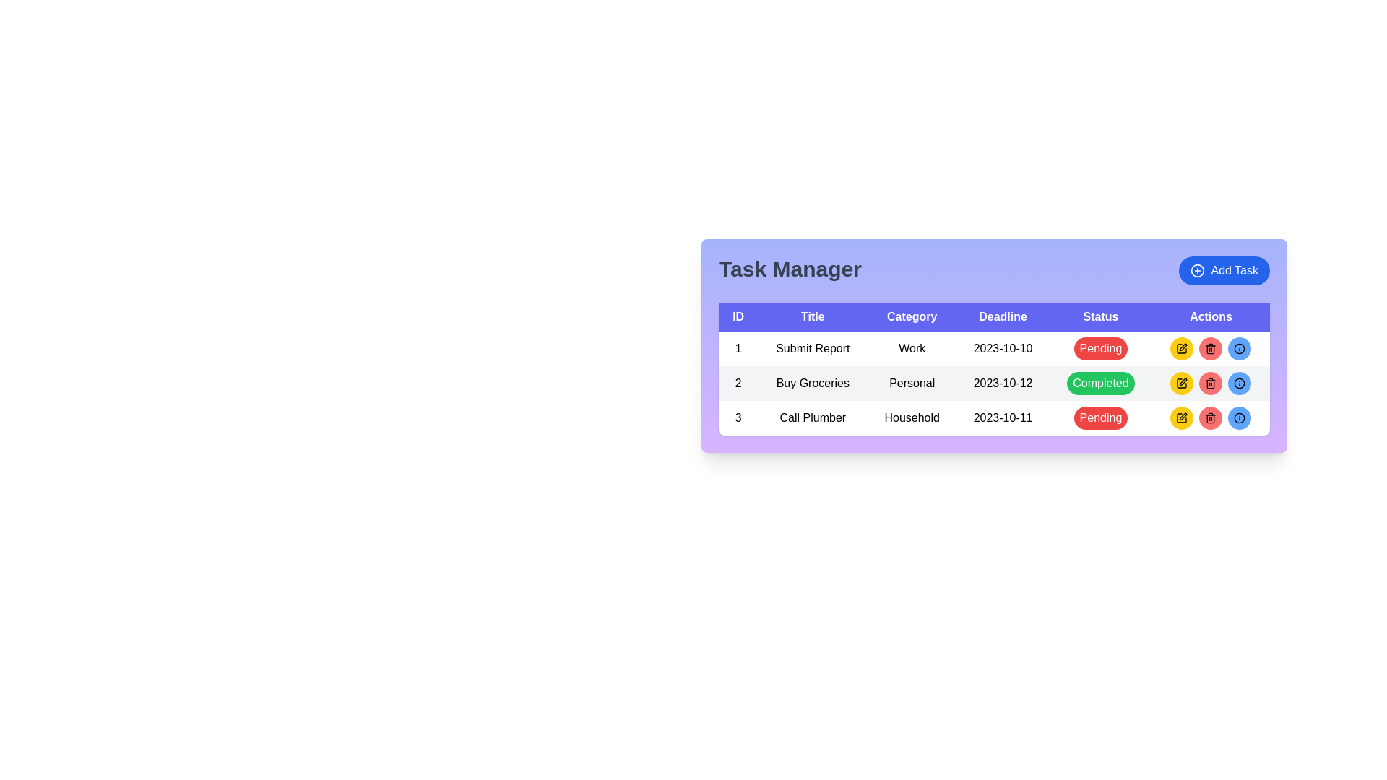 This screenshot has height=780, width=1387. Describe the element at coordinates (1239, 348) in the screenshot. I see `the position of the SVG circle graphic that enhances the 'Add Task' button located in the top-right corner of the interface` at that location.